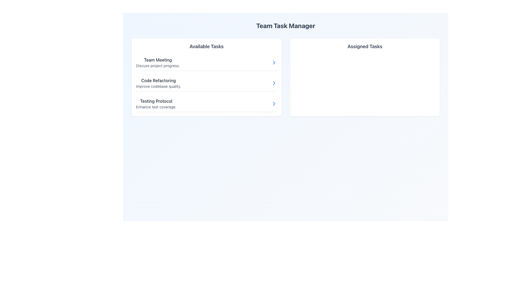  What do you see at coordinates (206, 62) in the screenshot?
I see `the 'Team Meeting' task item` at bounding box center [206, 62].